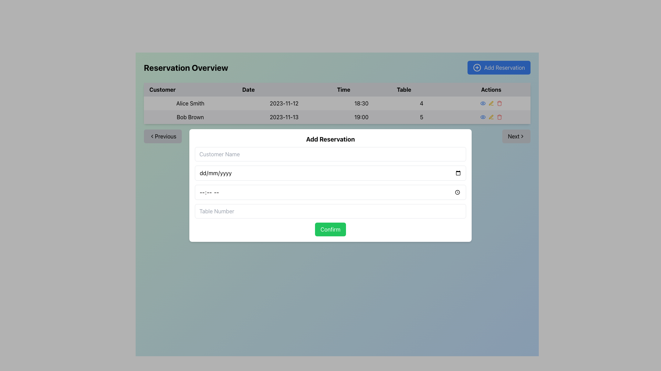 The width and height of the screenshot is (661, 371). I want to click on the yellow pen-shaped icon in the third position of the action button set for Bob Brown, so click(491, 103).